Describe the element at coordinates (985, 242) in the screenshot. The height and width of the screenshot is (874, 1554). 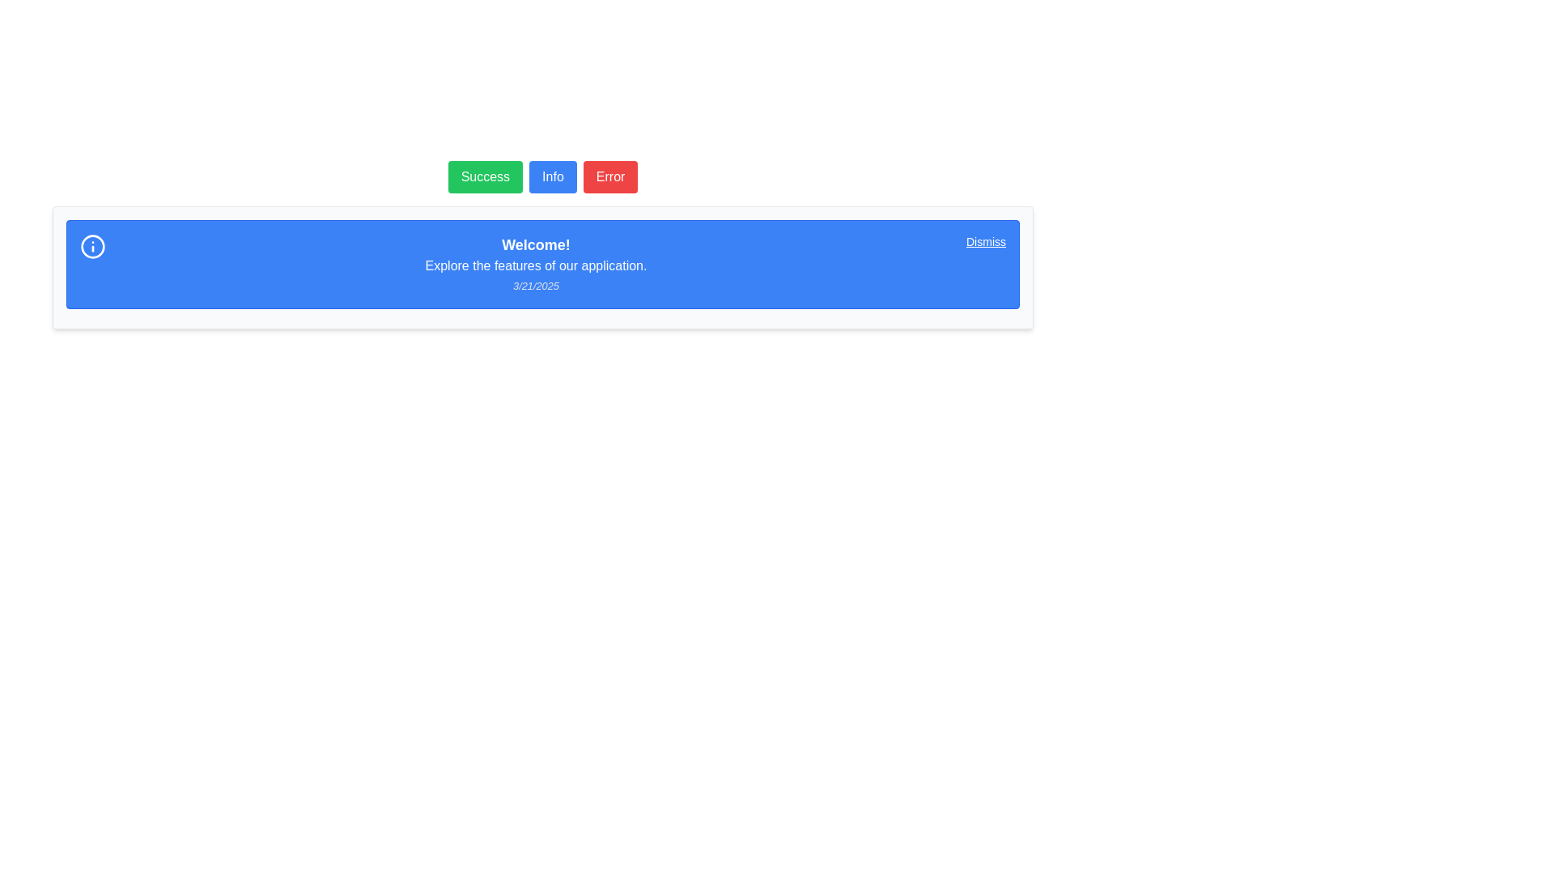
I see `the dismiss button located in the top-right corner of the notification bar` at that location.